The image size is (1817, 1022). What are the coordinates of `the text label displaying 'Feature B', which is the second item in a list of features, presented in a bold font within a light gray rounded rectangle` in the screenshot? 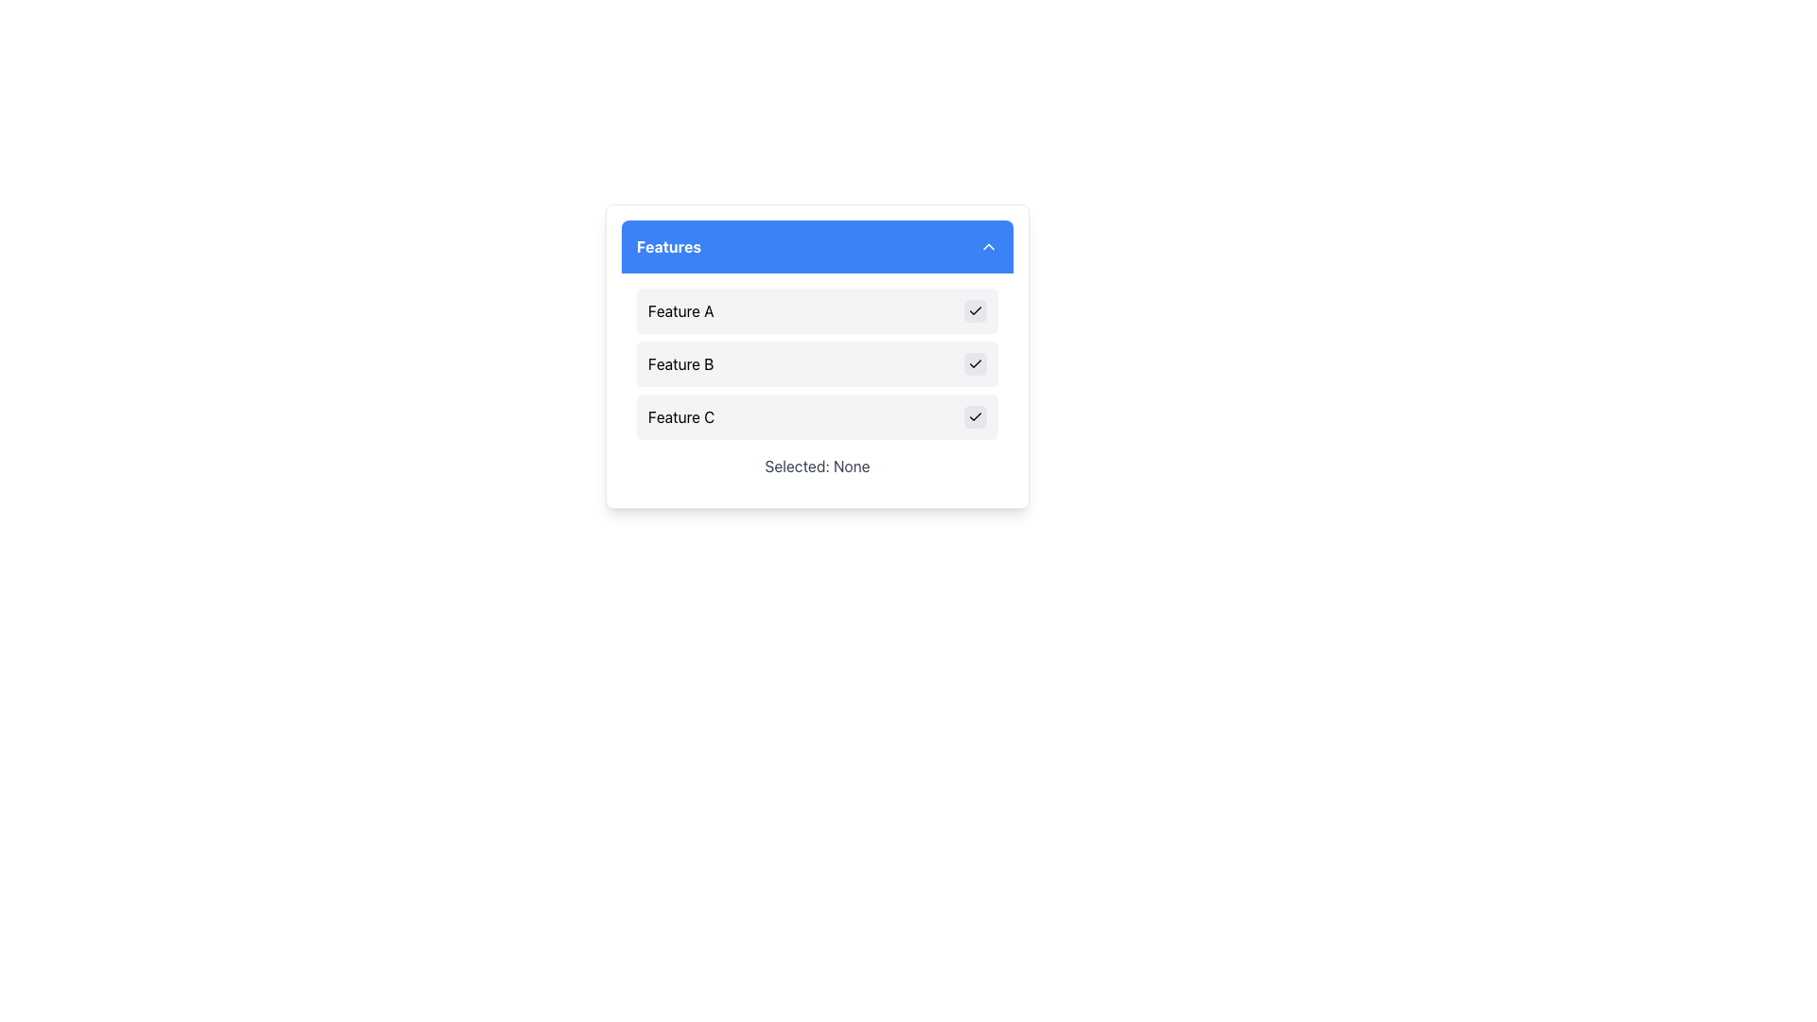 It's located at (680, 364).